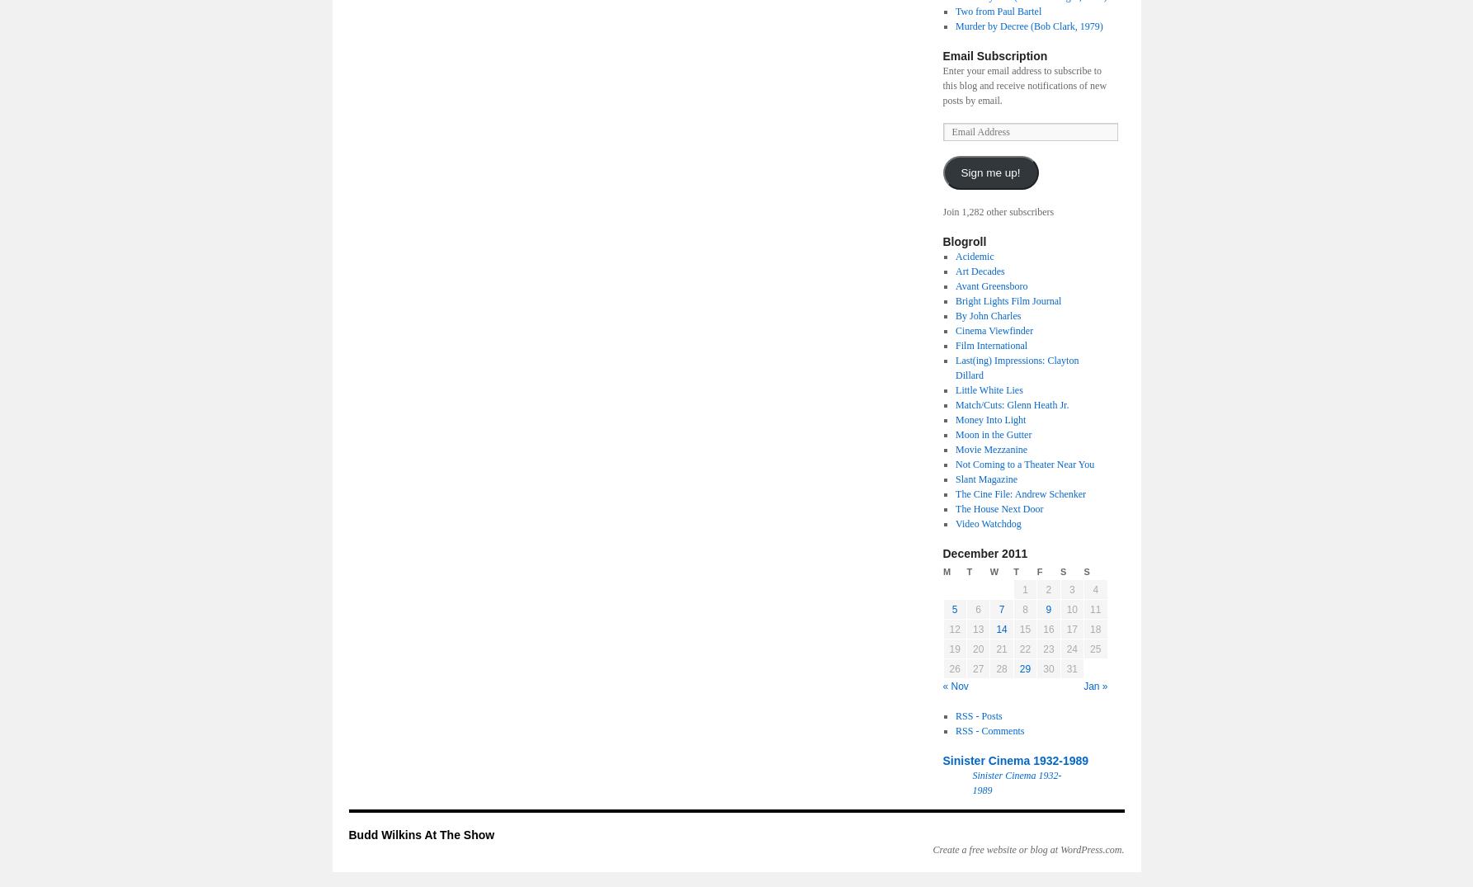 This screenshot has width=1473, height=887. I want to click on 'Movie Mezzanine', so click(990, 450).